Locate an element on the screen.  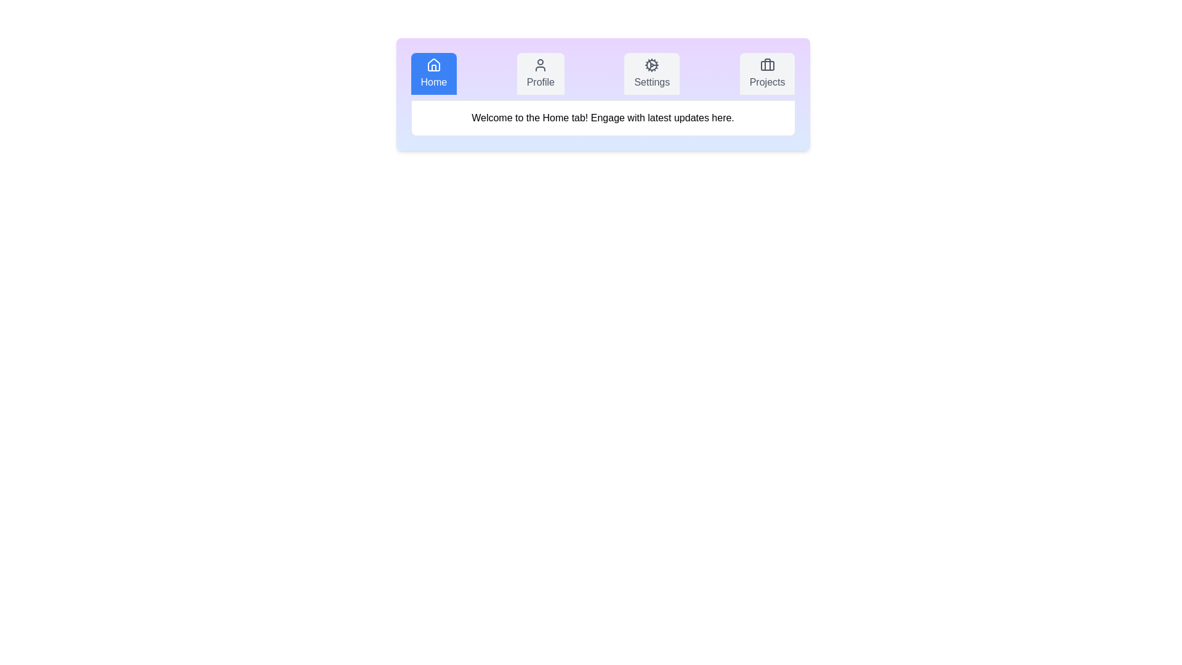
text displayed in the centered label that says 'Welcome to the Home tab! Engage with latest updates here.' is located at coordinates (603, 118).